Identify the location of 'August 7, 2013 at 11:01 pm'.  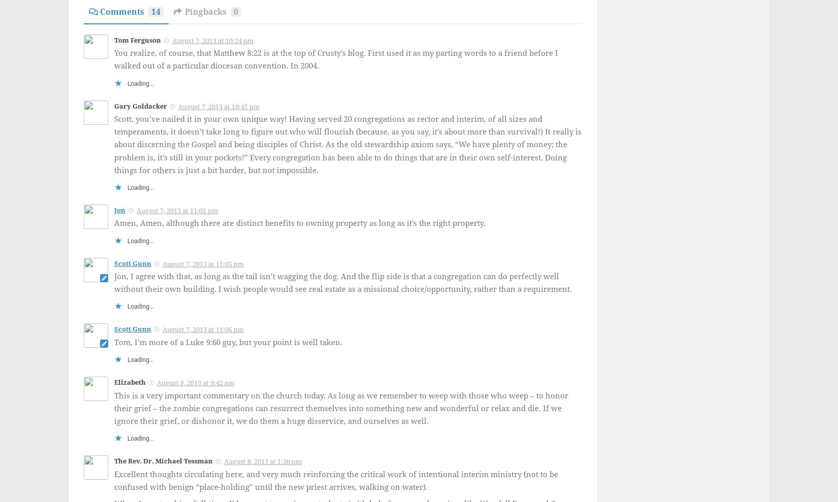
(177, 210).